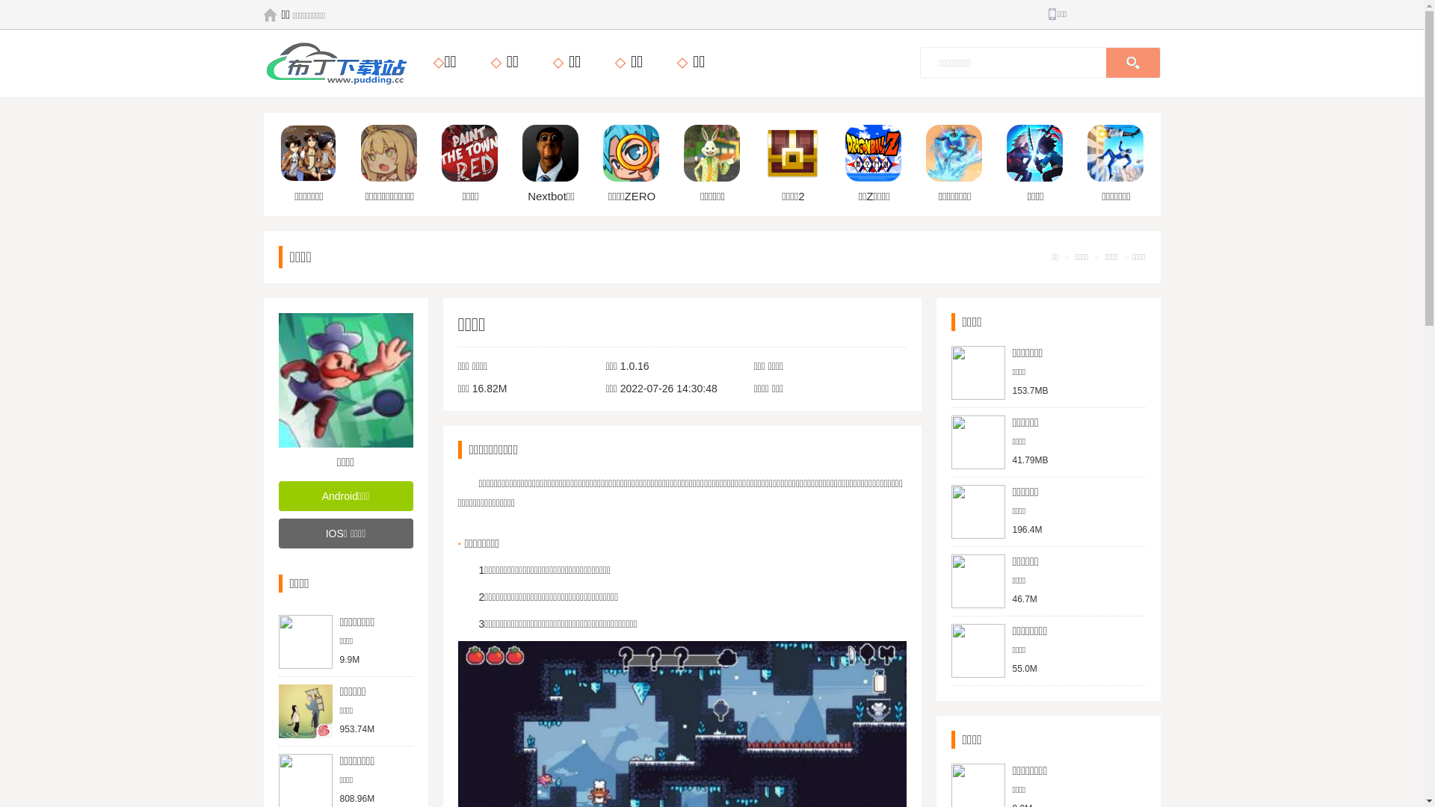  I want to click on '16.82M', so click(490, 388).